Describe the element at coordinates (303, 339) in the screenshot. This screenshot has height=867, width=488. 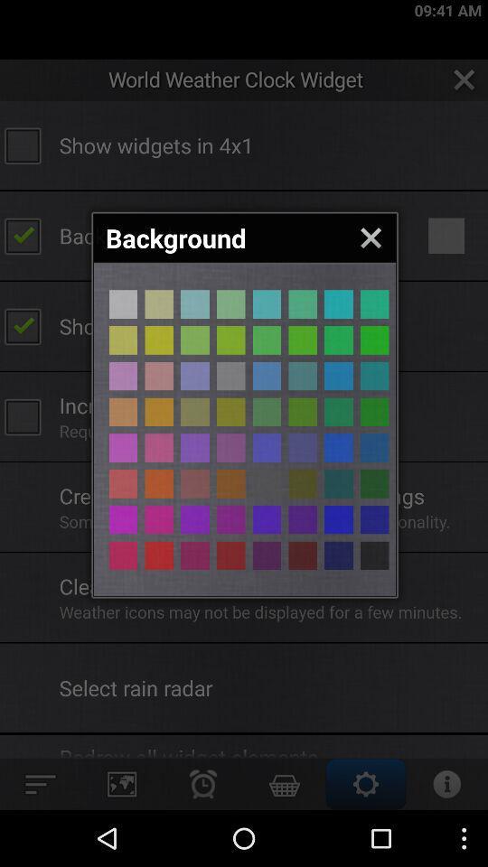
I see `box` at that location.